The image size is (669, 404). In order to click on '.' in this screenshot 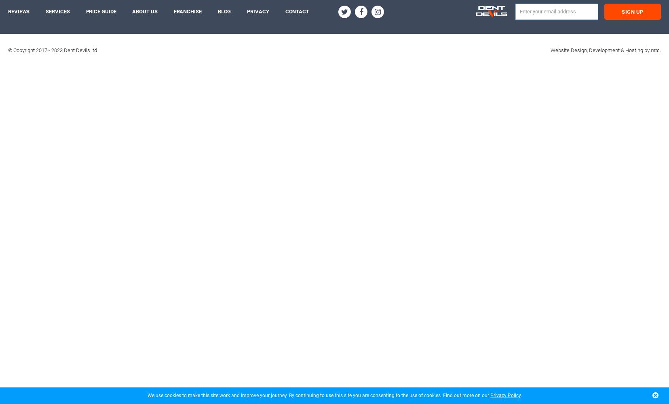, I will do `click(519, 395)`.